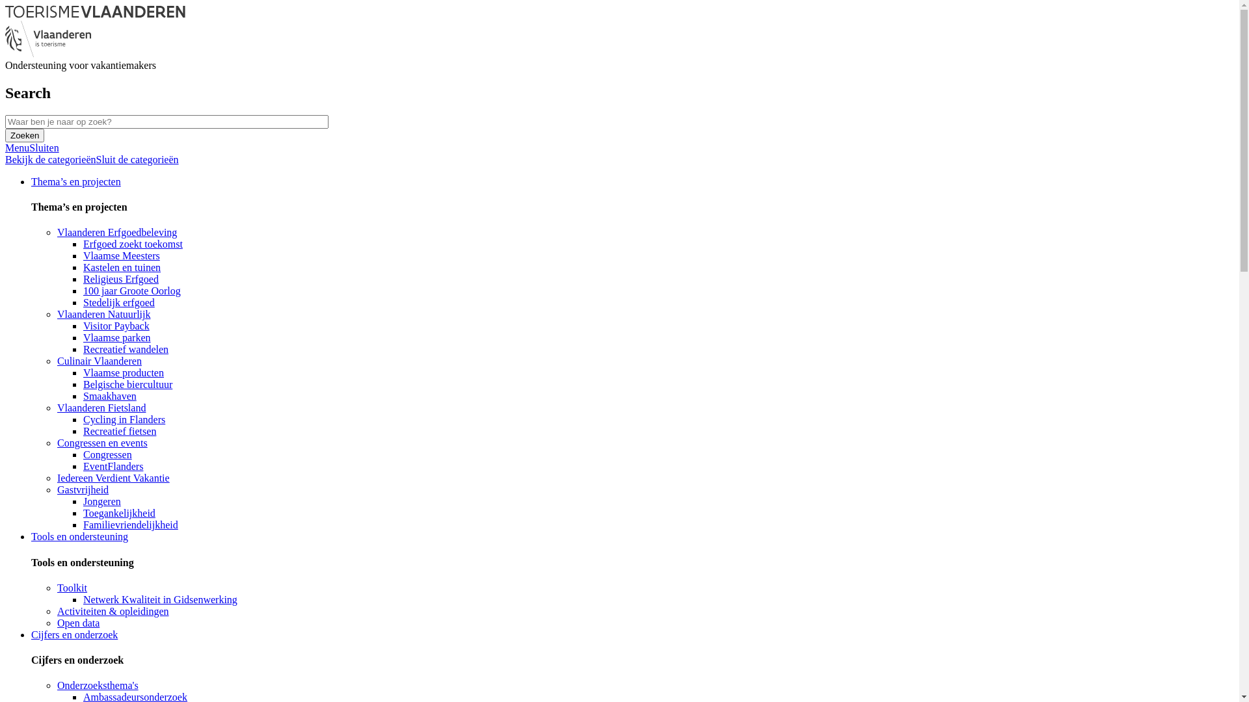  I want to click on 'Vlaanderen Natuurlijk', so click(56, 314).